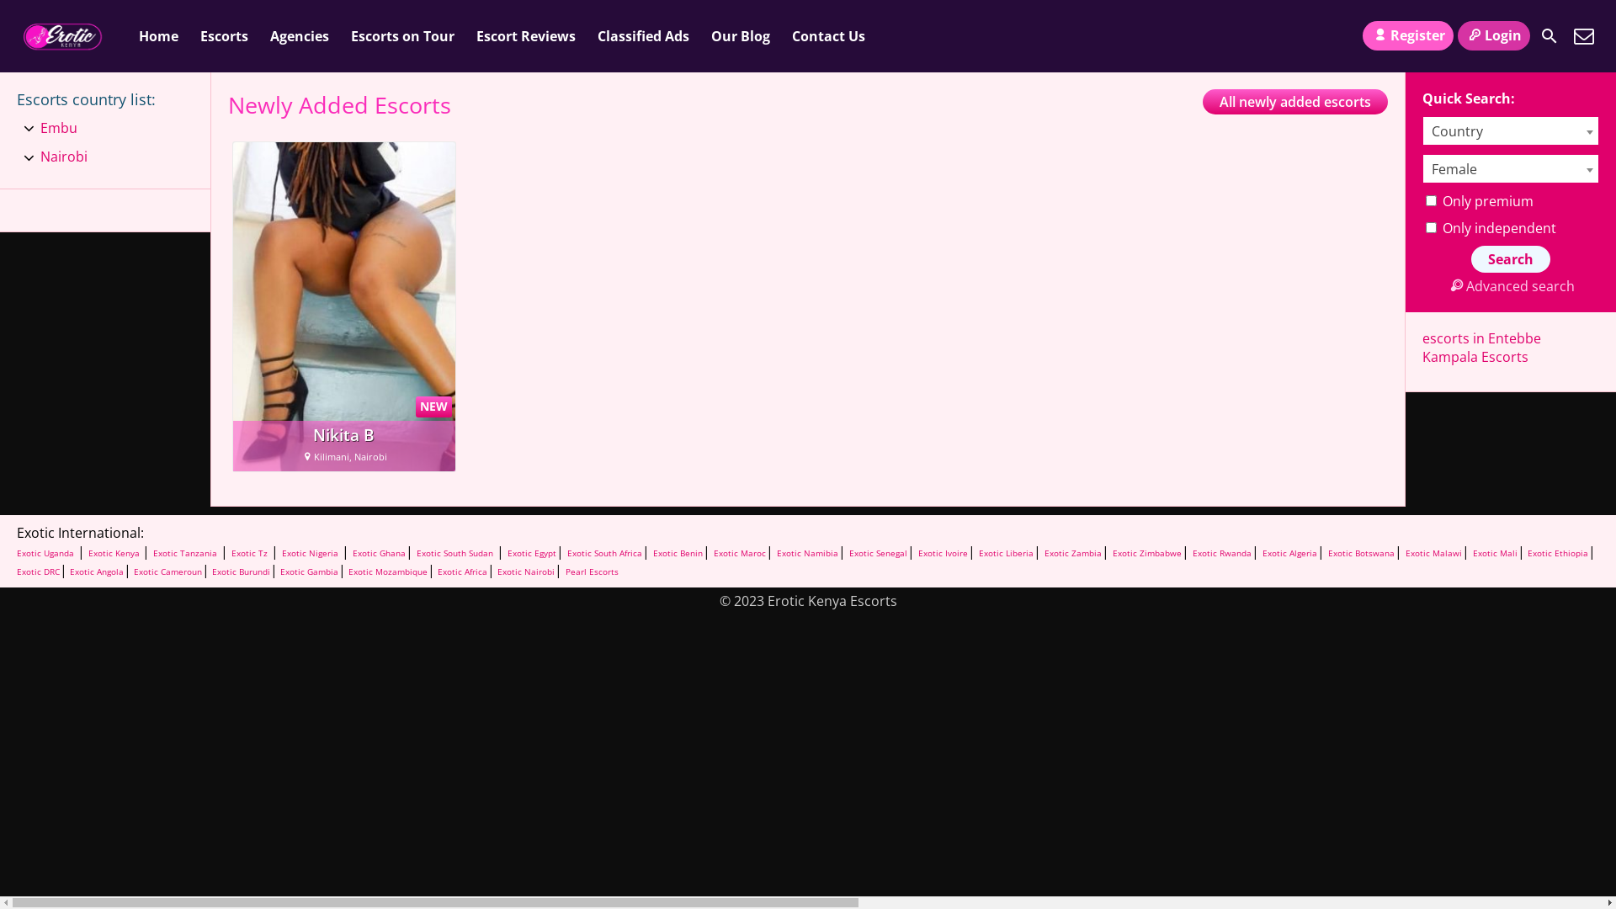  What do you see at coordinates (1481, 338) in the screenshot?
I see `'escorts in Entebbe'` at bounding box center [1481, 338].